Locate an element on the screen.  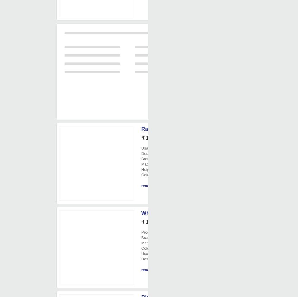
':  Jaygee' is located at coordinates (151, 158).